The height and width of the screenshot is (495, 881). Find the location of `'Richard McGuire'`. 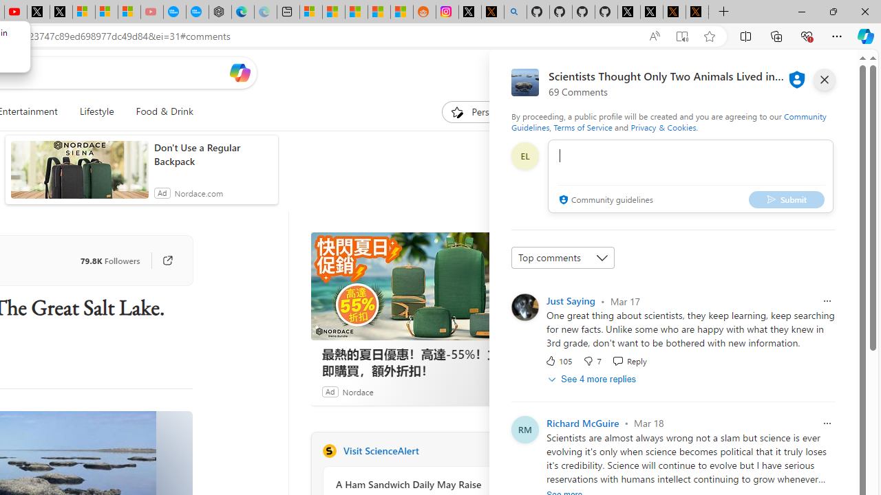

'Richard McGuire' is located at coordinates (582, 422).